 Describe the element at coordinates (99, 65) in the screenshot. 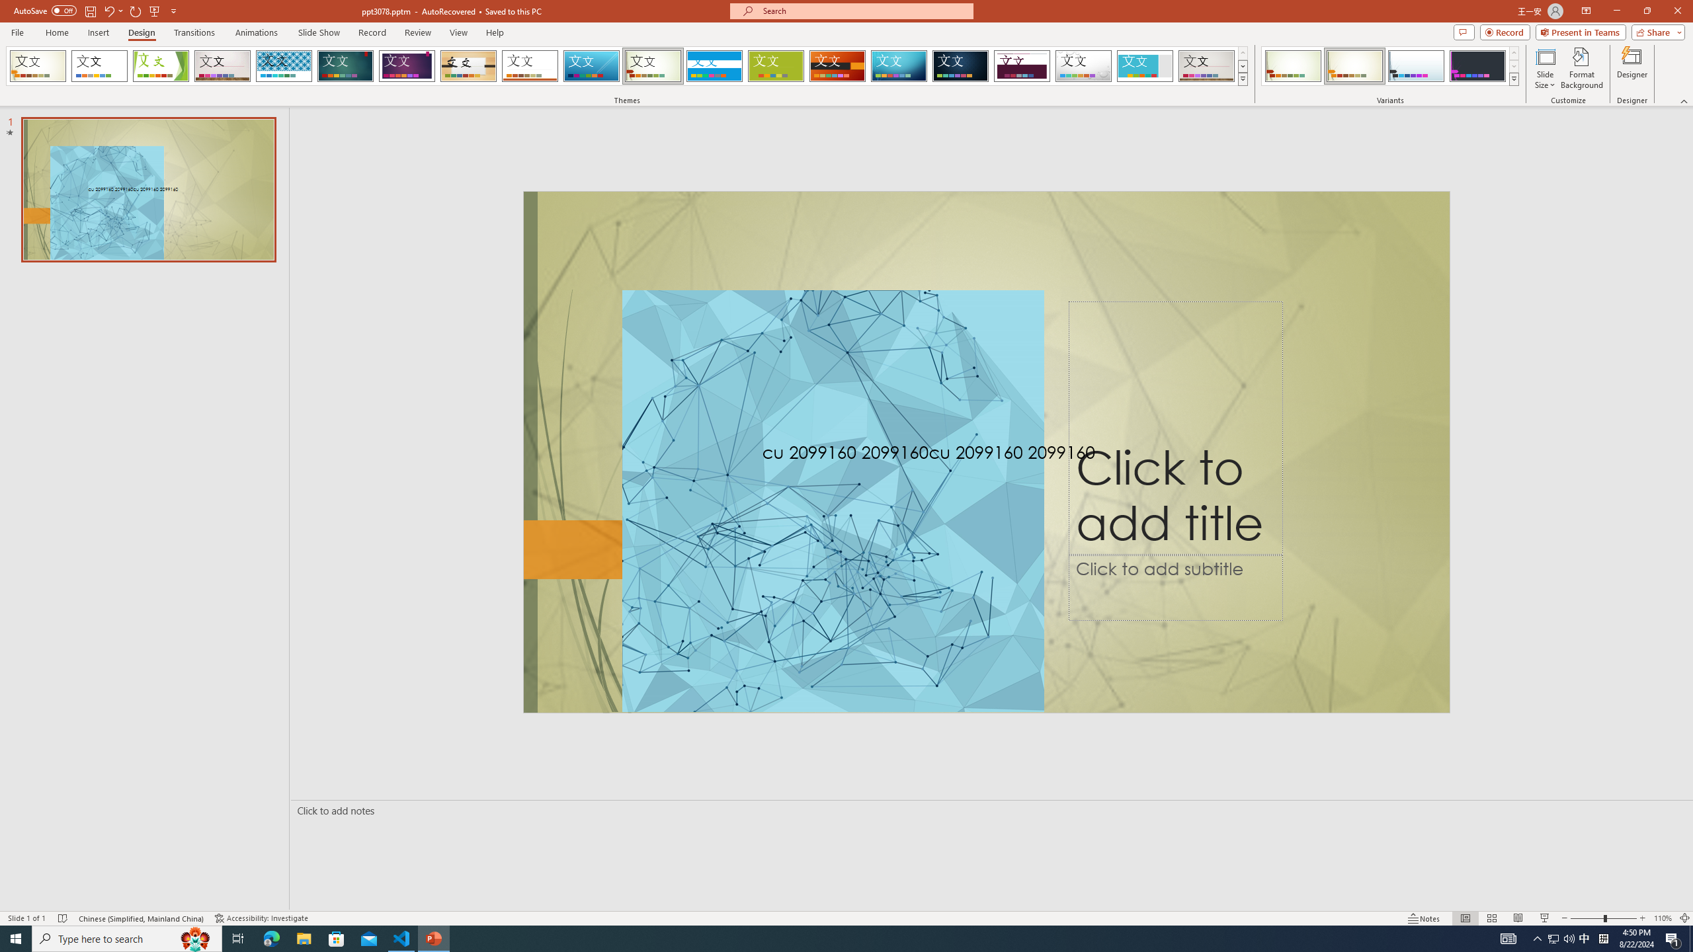

I see `'Office Theme'` at that location.